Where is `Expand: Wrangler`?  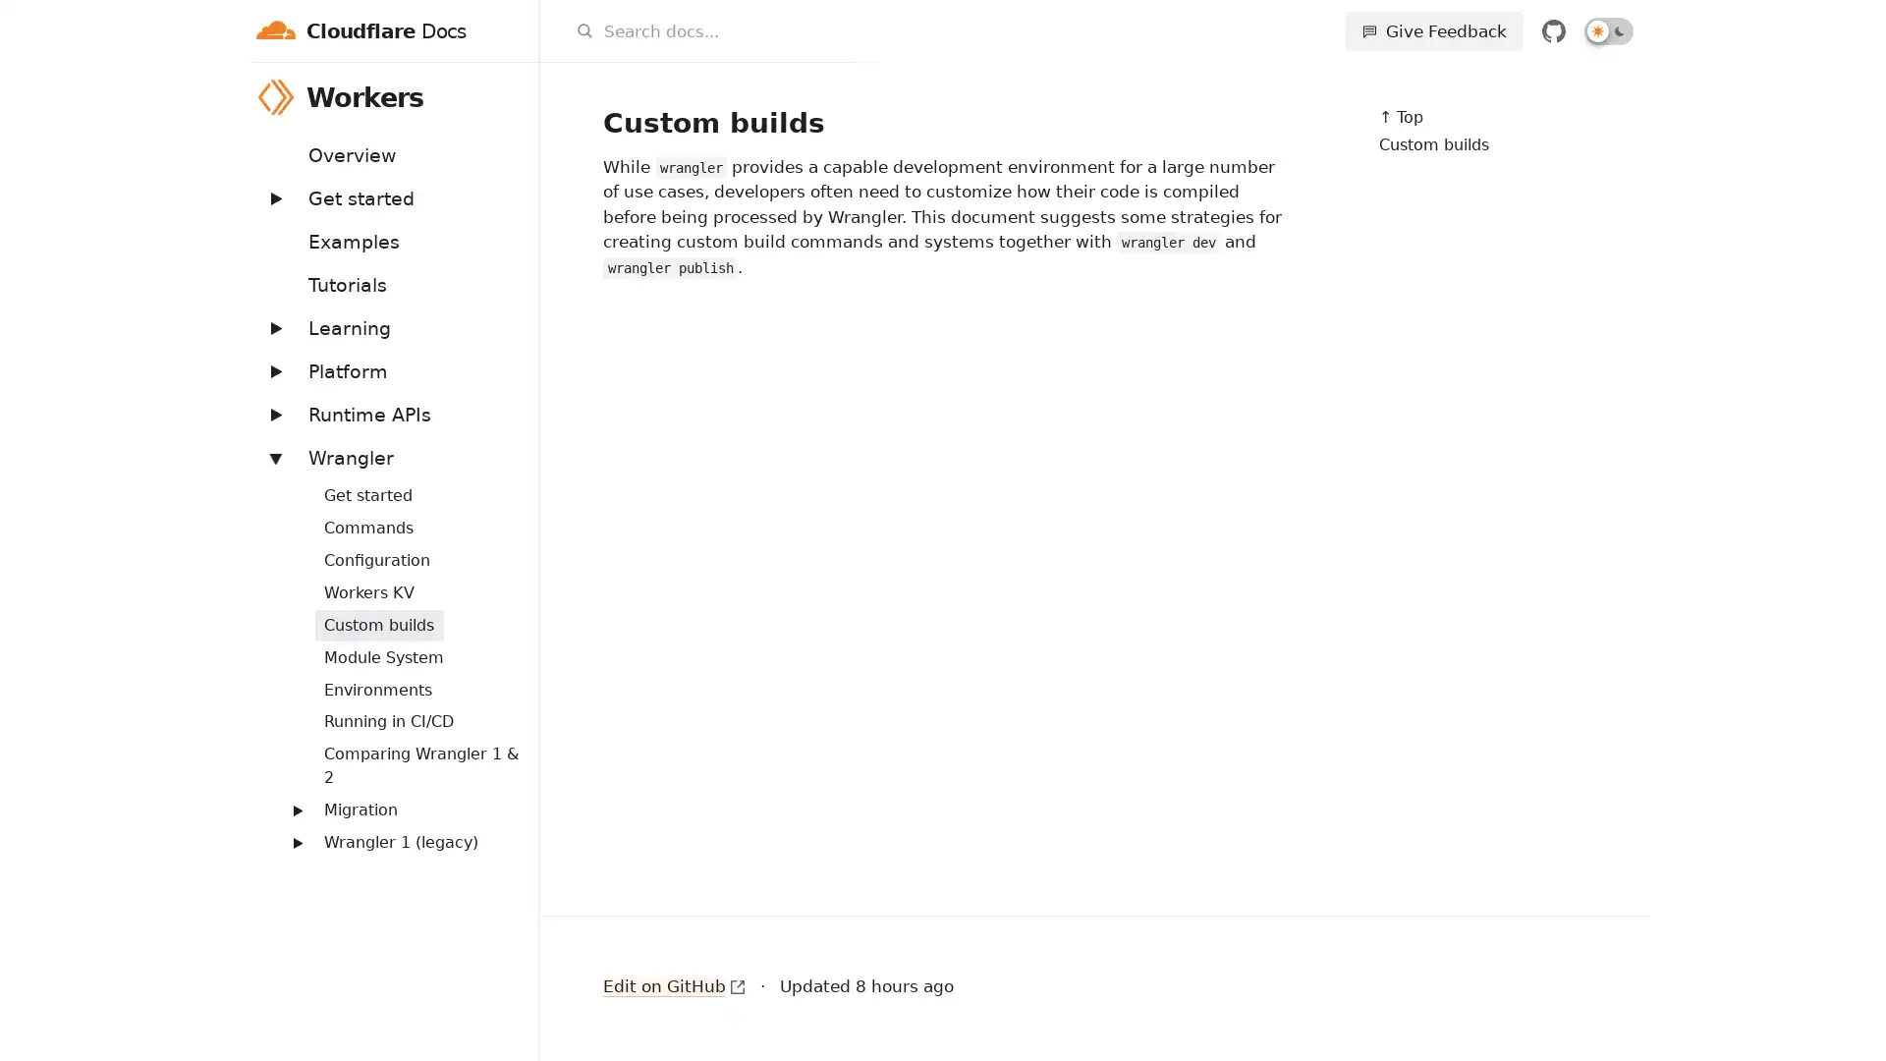
Expand: Wrangler is located at coordinates (273, 457).